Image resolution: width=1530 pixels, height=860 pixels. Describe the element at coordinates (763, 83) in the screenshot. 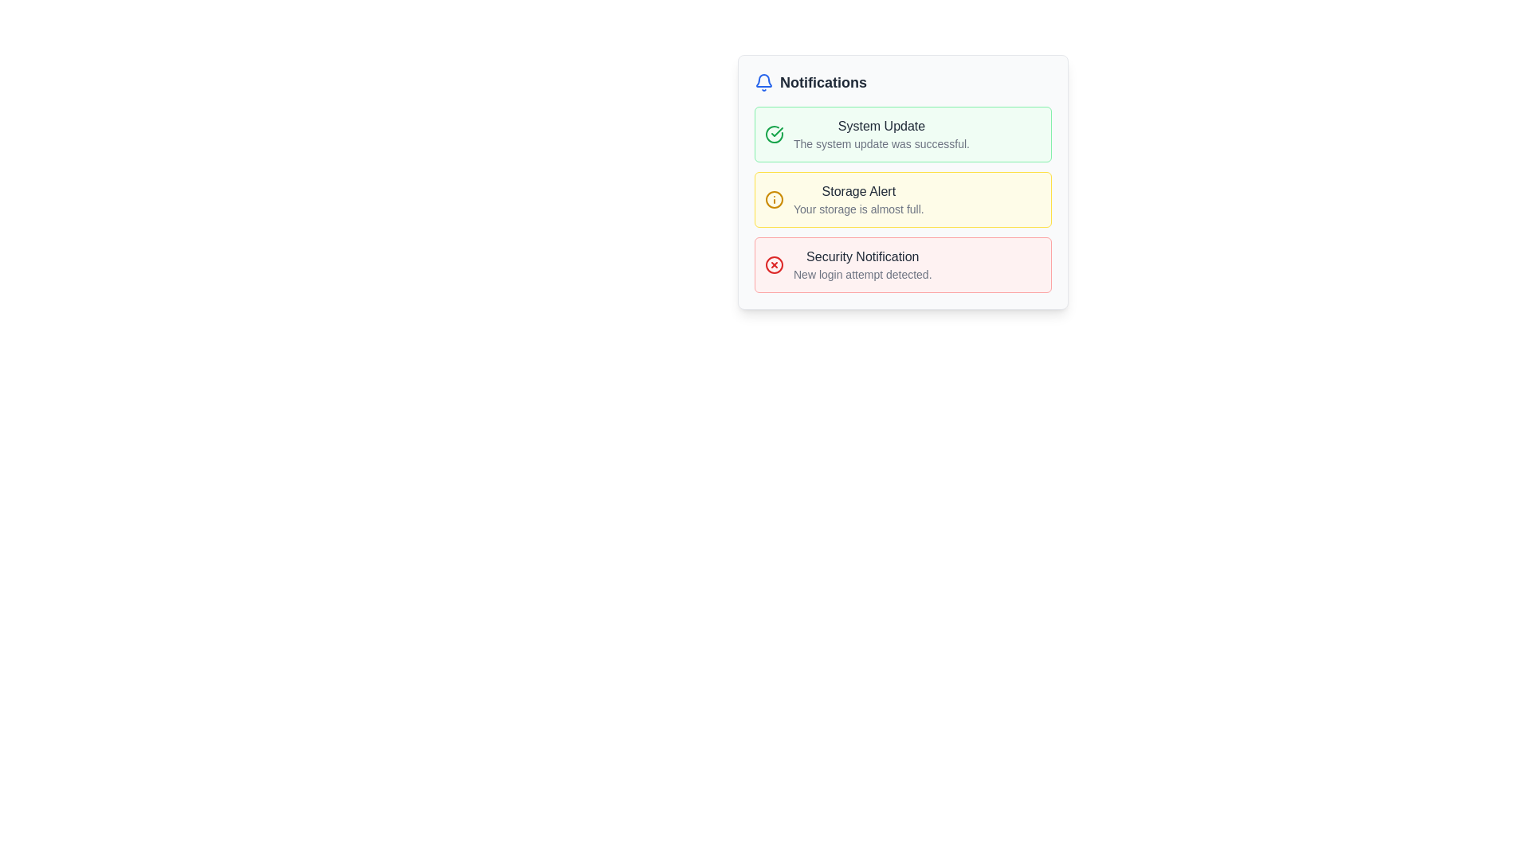

I see `the blue bell icon that is positioned to the left of the 'Notifications' text in the notification panel` at that location.